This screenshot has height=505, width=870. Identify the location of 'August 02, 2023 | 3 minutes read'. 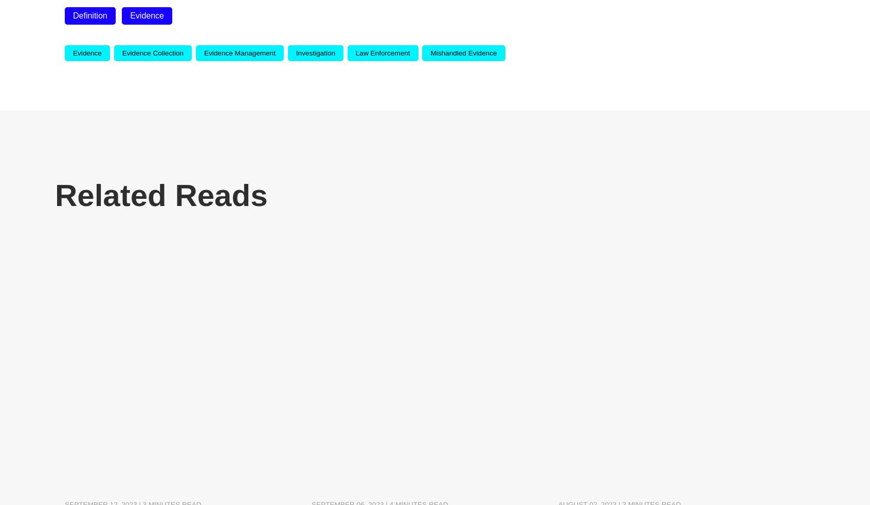
(620, 407).